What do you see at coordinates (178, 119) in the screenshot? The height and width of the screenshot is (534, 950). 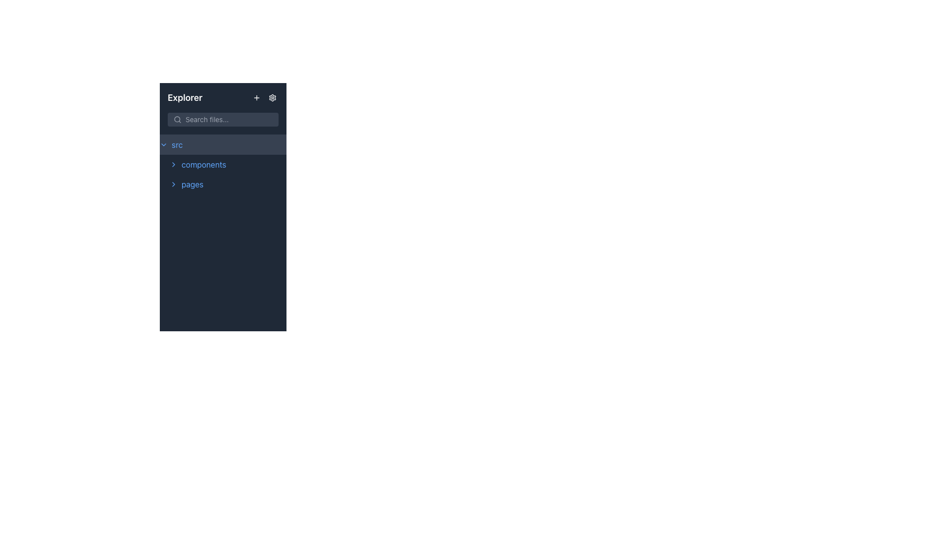 I see `the magnifying glass icon in the search bar interface, which is located to the left of the text input area within the explorer sidebar` at bounding box center [178, 119].